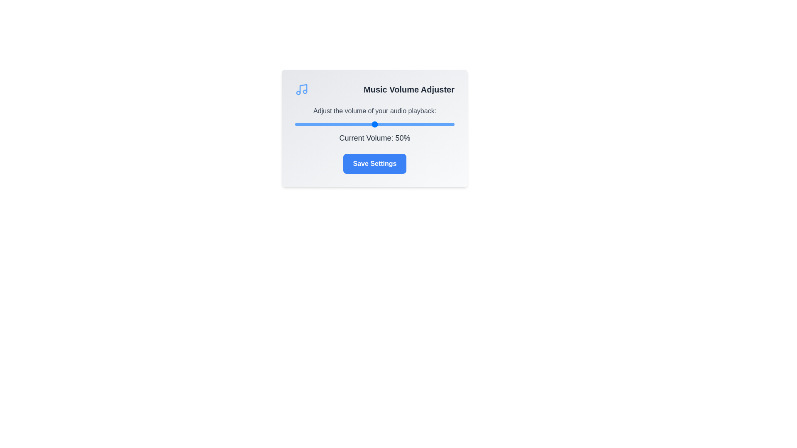  What do you see at coordinates (366, 124) in the screenshot?
I see `the volume slider to 45%` at bounding box center [366, 124].